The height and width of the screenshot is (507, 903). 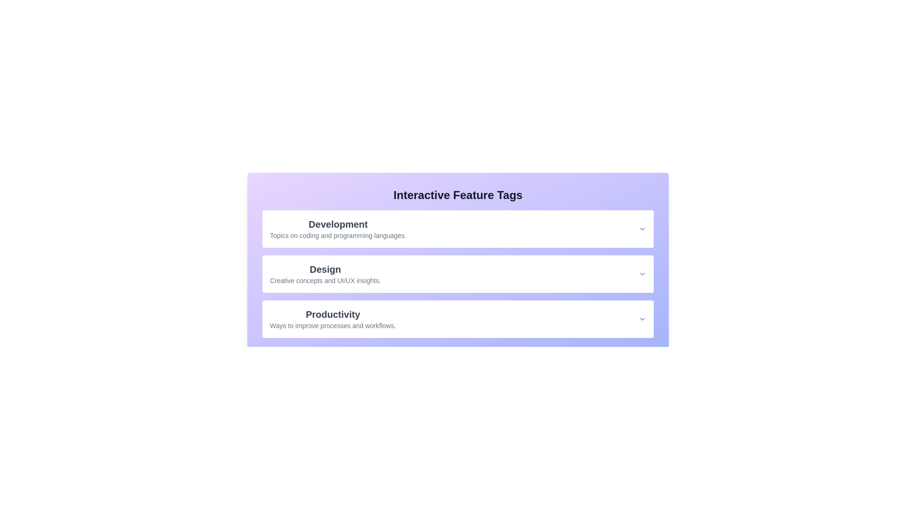 I want to click on the Chevron icon button located to the right of the 'Design' text, so click(x=642, y=274).